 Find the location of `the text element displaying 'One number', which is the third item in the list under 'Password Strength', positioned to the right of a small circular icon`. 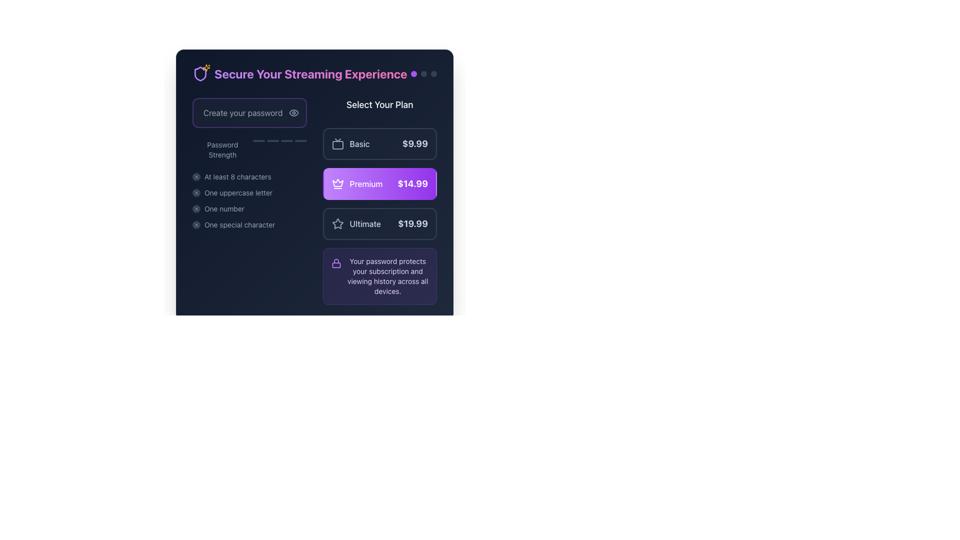

the text element displaying 'One number', which is the third item in the list under 'Password Strength', positioned to the right of a small circular icon is located at coordinates (223, 208).